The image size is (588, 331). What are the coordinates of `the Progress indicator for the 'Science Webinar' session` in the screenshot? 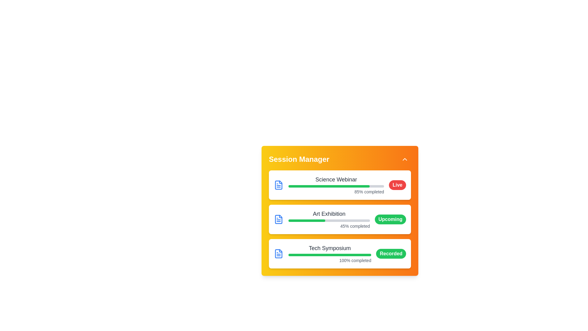 It's located at (336, 185).